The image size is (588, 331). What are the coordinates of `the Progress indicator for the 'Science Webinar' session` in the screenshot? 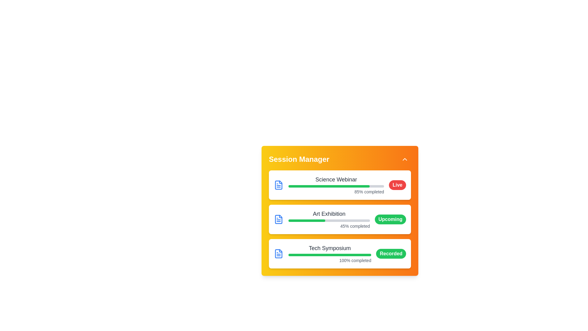 It's located at (336, 185).